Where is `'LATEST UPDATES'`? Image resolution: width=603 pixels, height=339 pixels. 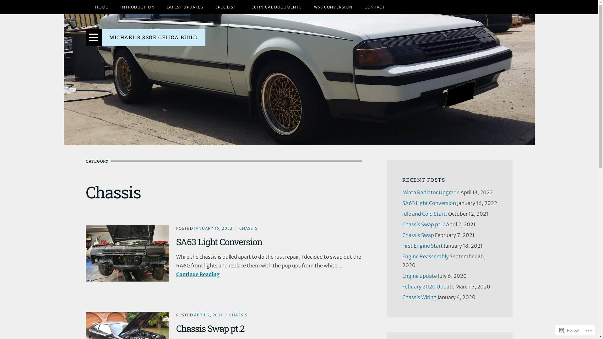
'LATEST UPDATES' is located at coordinates (185, 7).